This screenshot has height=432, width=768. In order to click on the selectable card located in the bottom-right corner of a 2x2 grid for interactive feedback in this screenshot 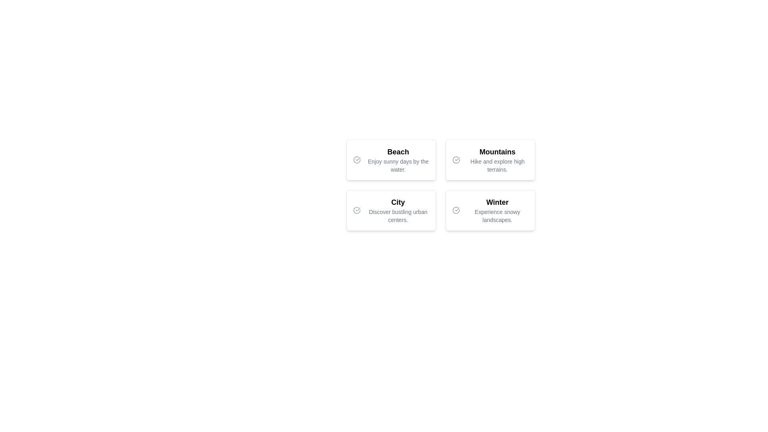, I will do `click(490, 210)`.